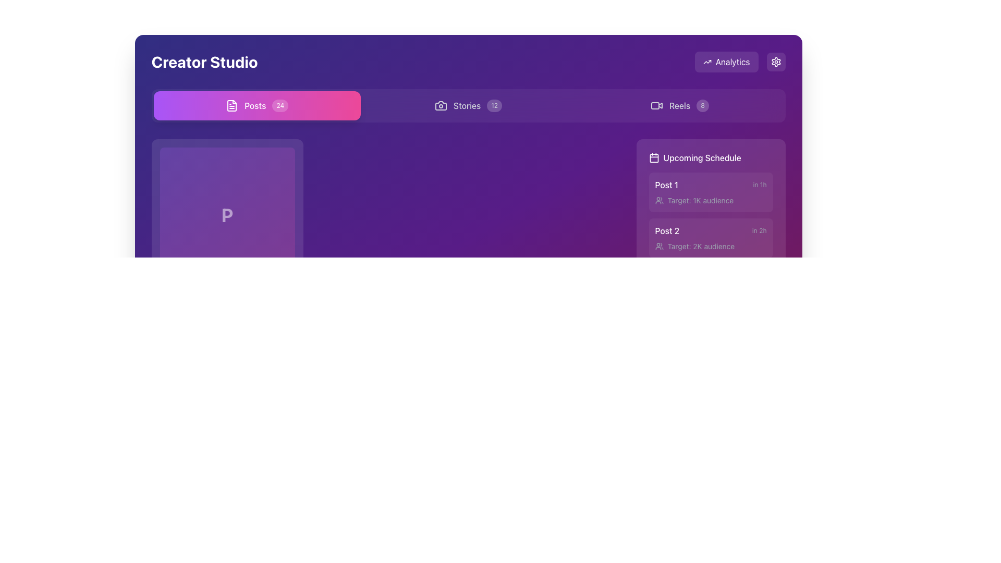  What do you see at coordinates (710, 238) in the screenshot?
I see `details of the schedule for the List item labeled 'Post 2' located in the 'Upcoming Schedule' section, which has a purple gradient background and displays a target audience of '2K audience'` at bounding box center [710, 238].